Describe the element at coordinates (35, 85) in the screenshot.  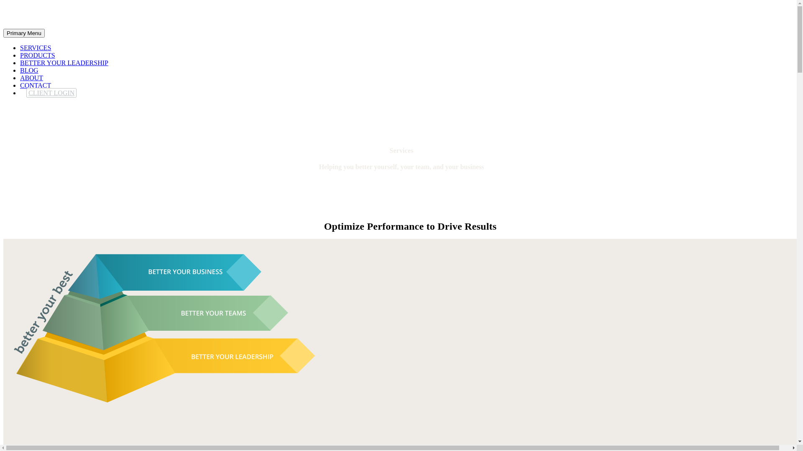
I see `'CONTACT'` at that location.